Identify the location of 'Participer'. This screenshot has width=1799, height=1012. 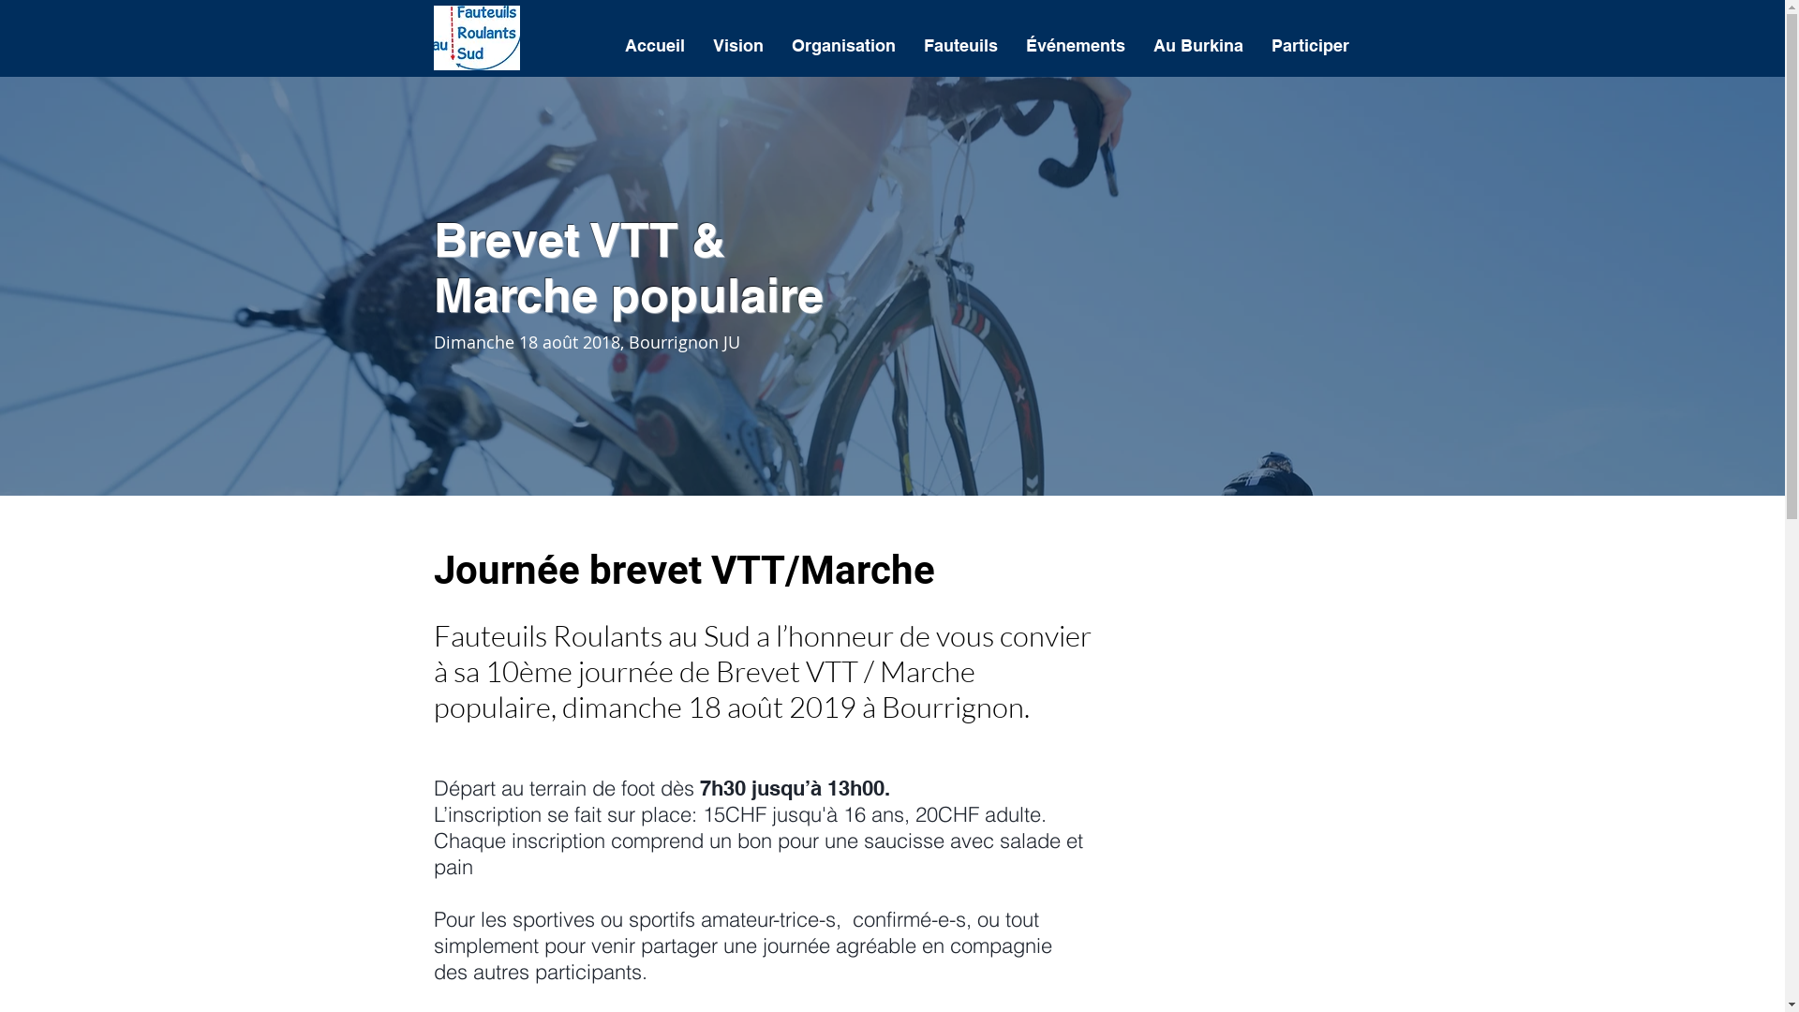
(1309, 45).